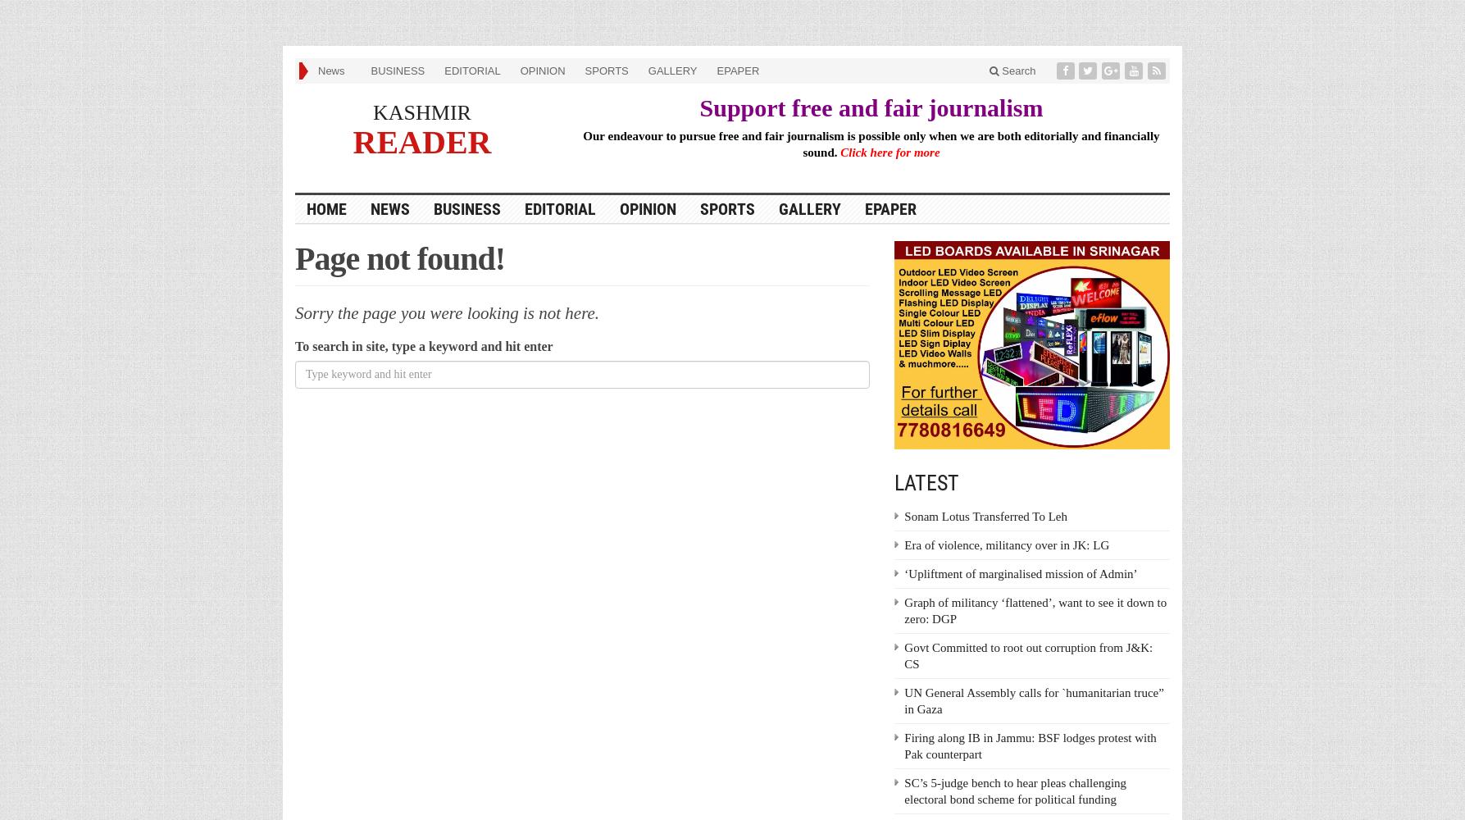 The height and width of the screenshot is (820, 1465). What do you see at coordinates (985, 517) in the screenshot?
I see `'Sonam Lotus Transferred To Leh'` at bounding box center [985, 517].